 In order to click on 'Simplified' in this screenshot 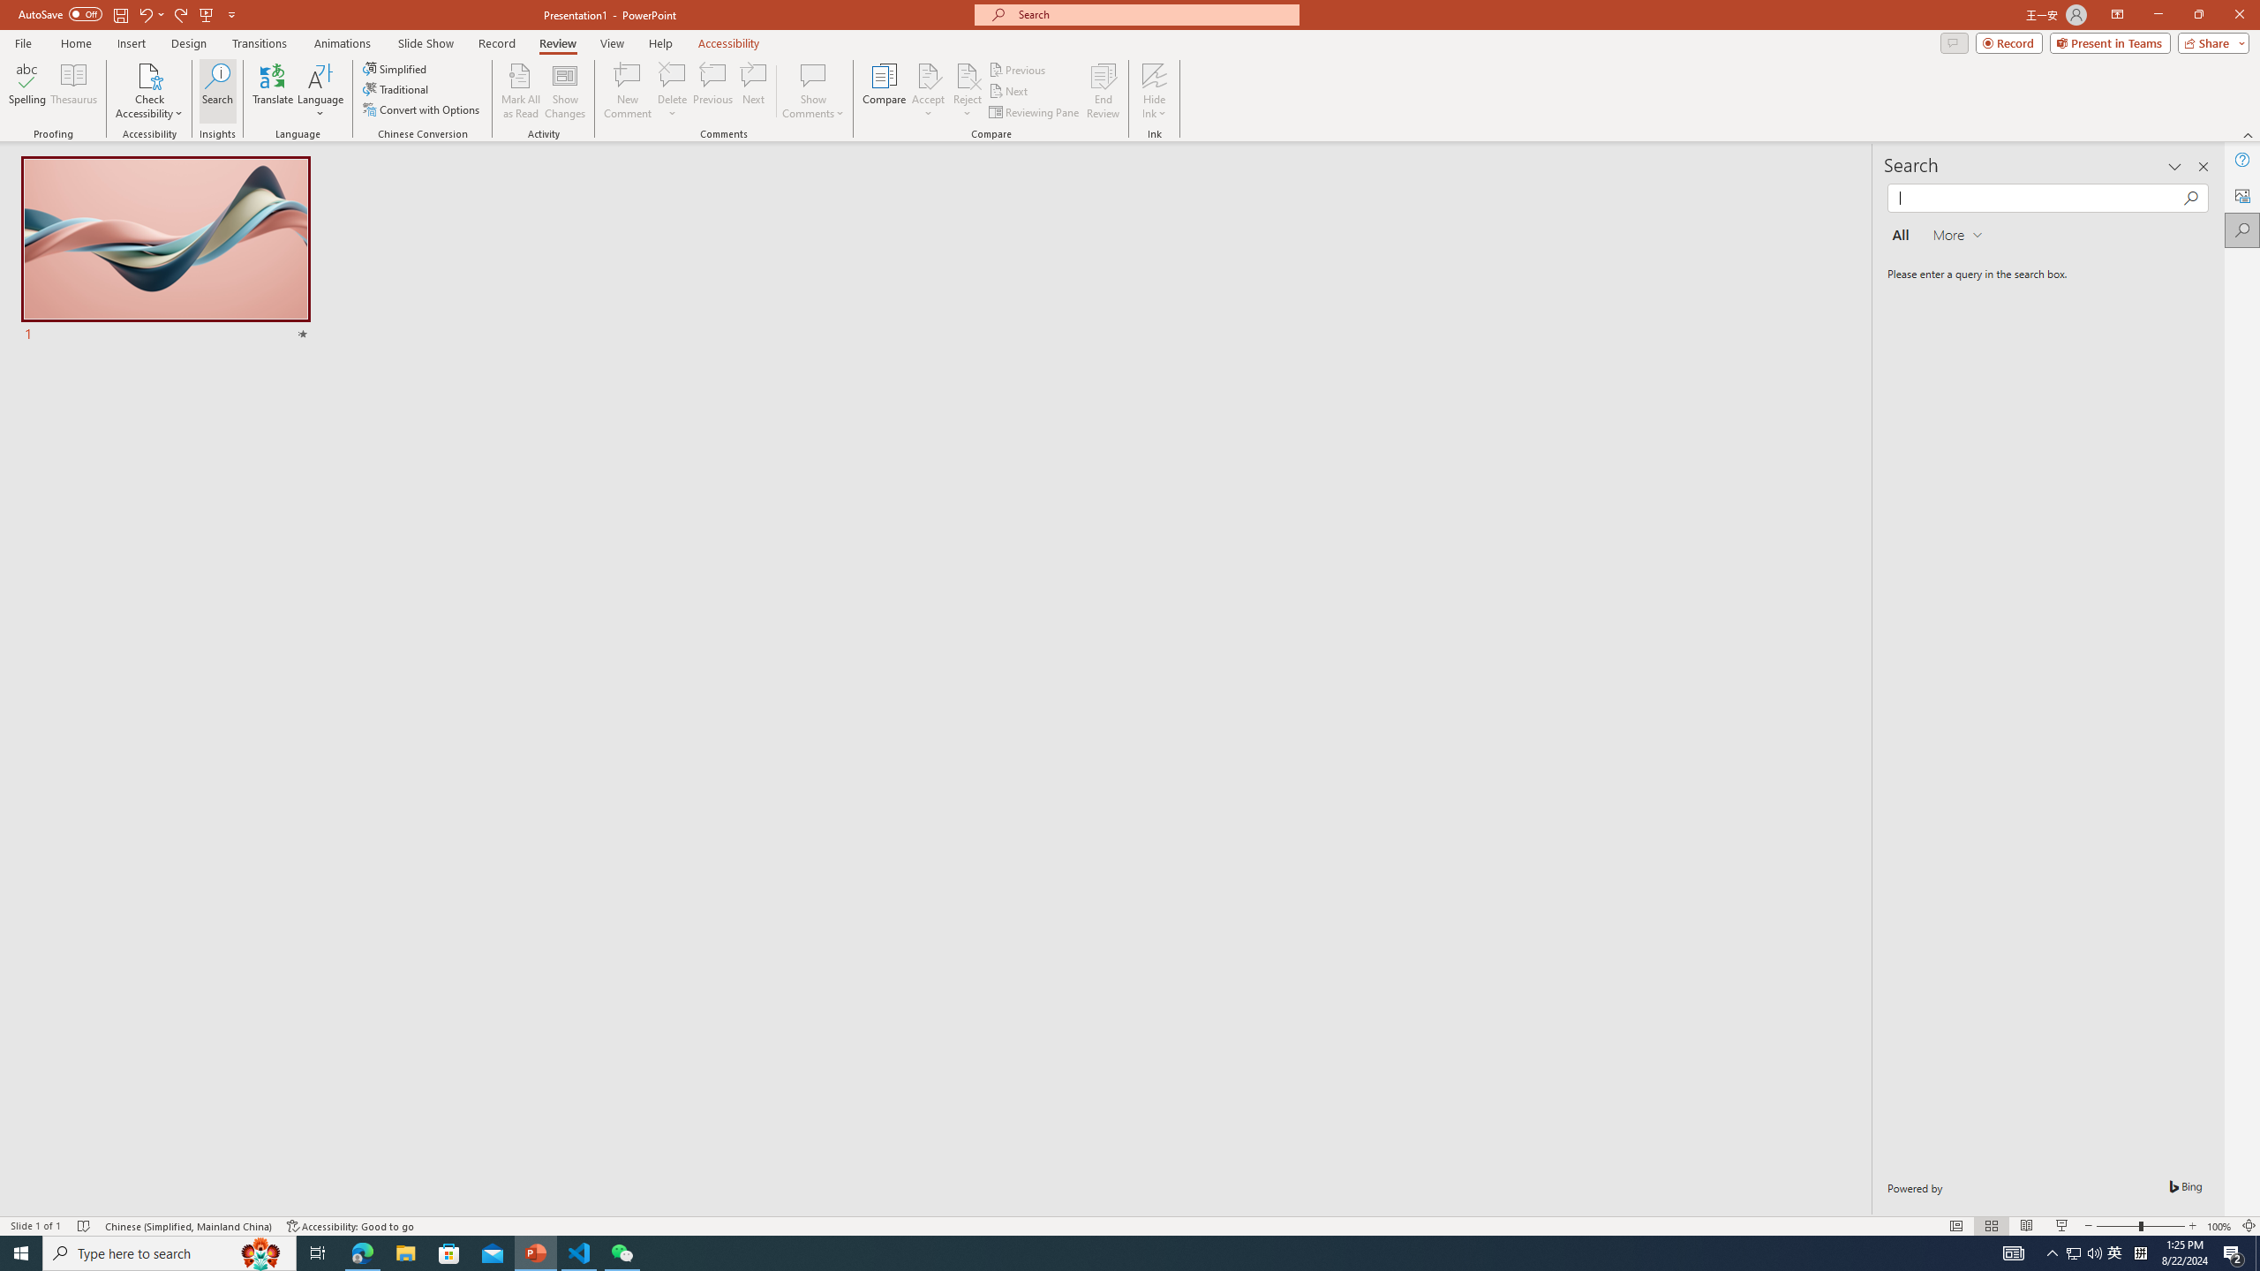, I will do `click(395, 68)`.